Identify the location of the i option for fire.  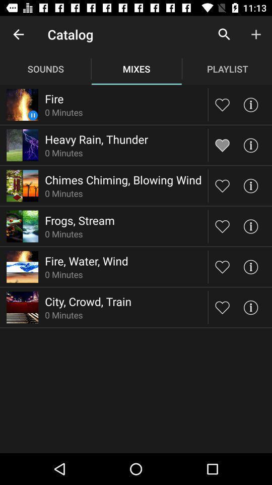
(250, 105).